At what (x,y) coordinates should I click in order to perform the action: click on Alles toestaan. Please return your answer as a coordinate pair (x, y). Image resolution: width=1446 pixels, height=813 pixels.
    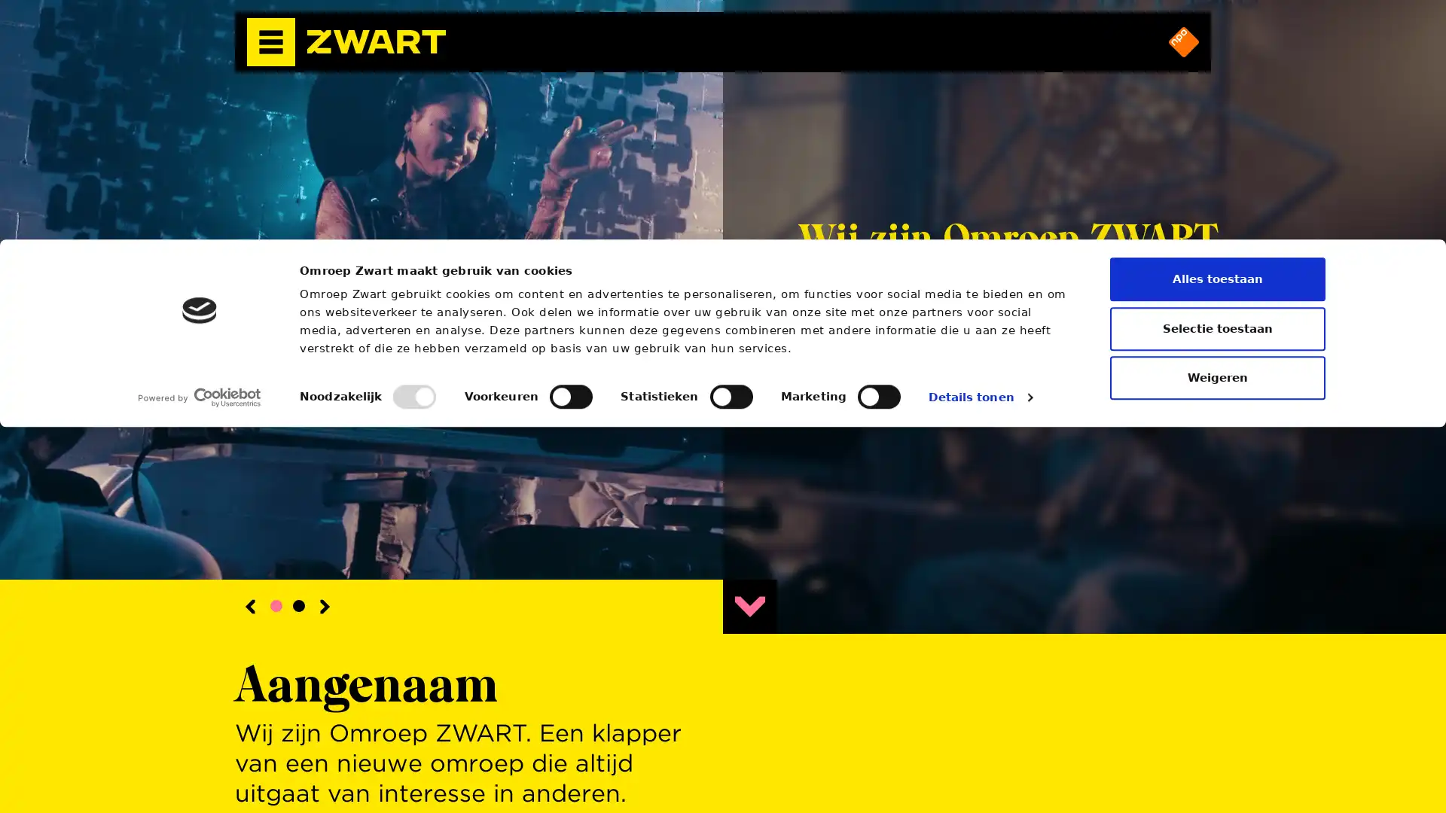
    Looking at the image, I should click on (1218, 664).